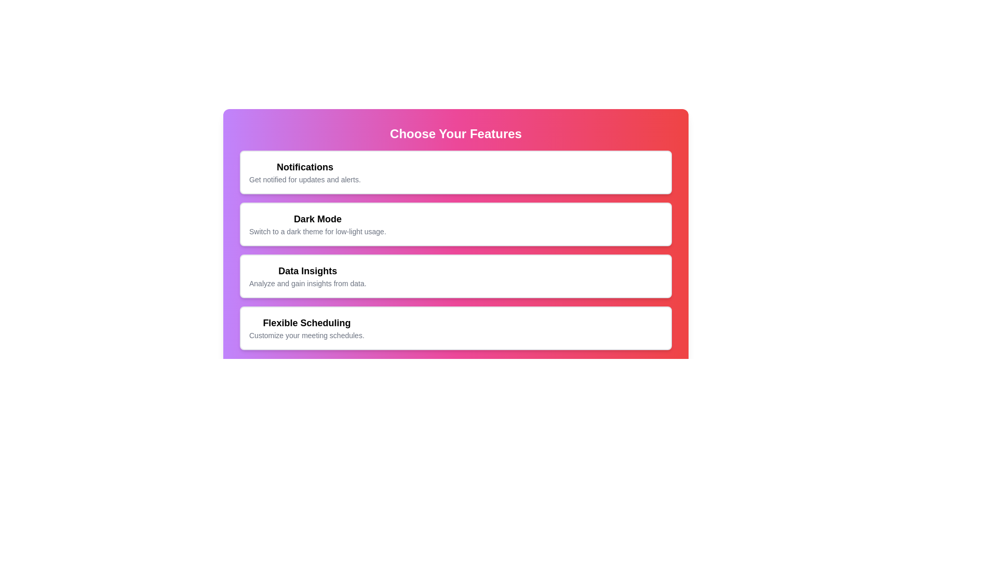 The width and height of the screenshot is (997, 561). I want to click on the prominent text header displaying 'Choose Your Features' which is centrally aligned at the top of the card layout, so click(456, 133).